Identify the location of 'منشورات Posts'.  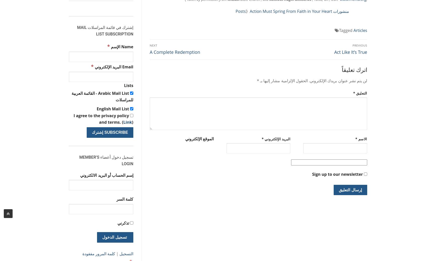
(292, 11).